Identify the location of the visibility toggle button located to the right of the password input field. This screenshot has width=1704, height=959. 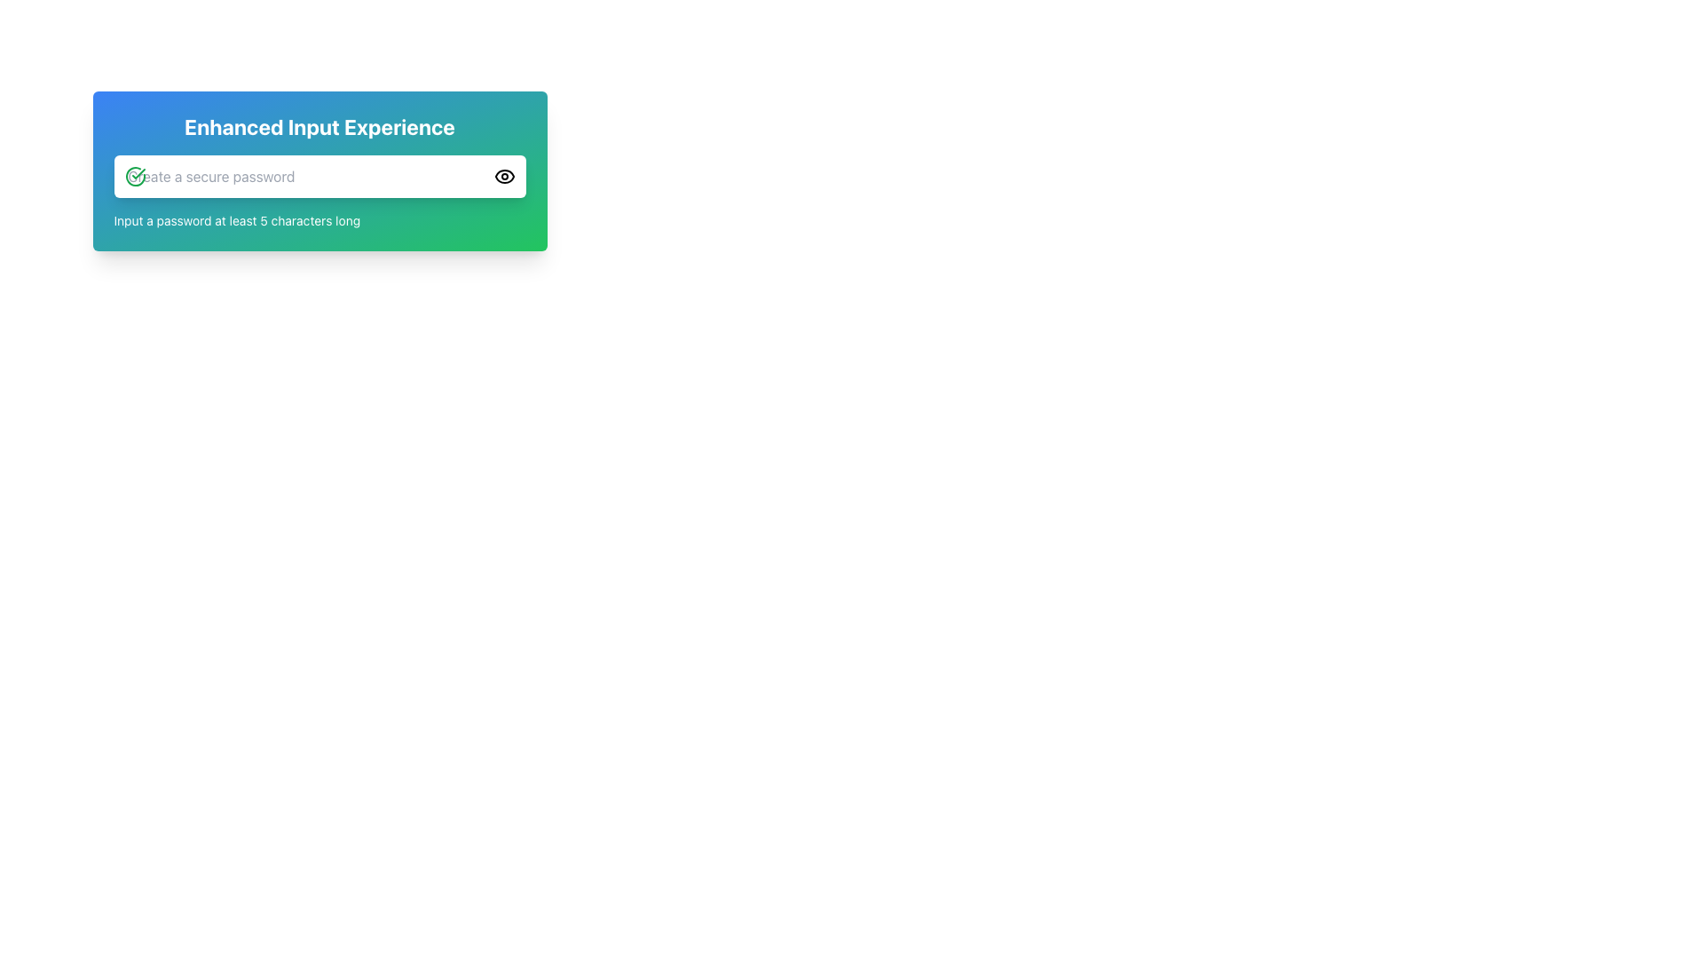
(503, 177).